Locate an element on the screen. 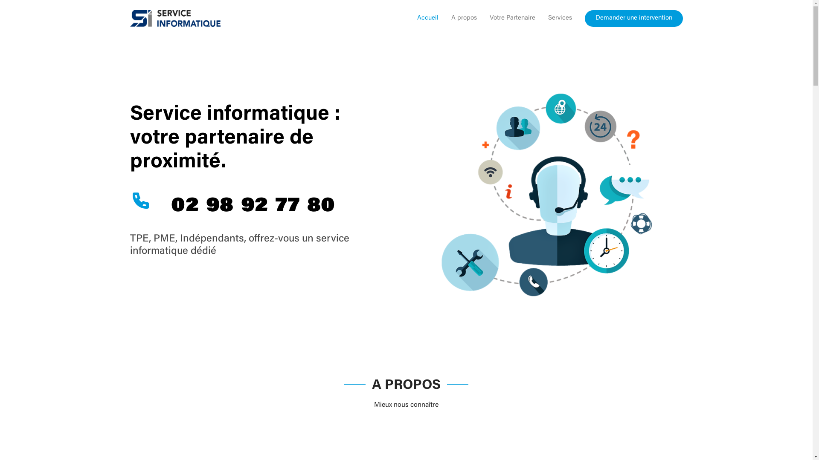  'A propos' is located at coordinates (457, 18).